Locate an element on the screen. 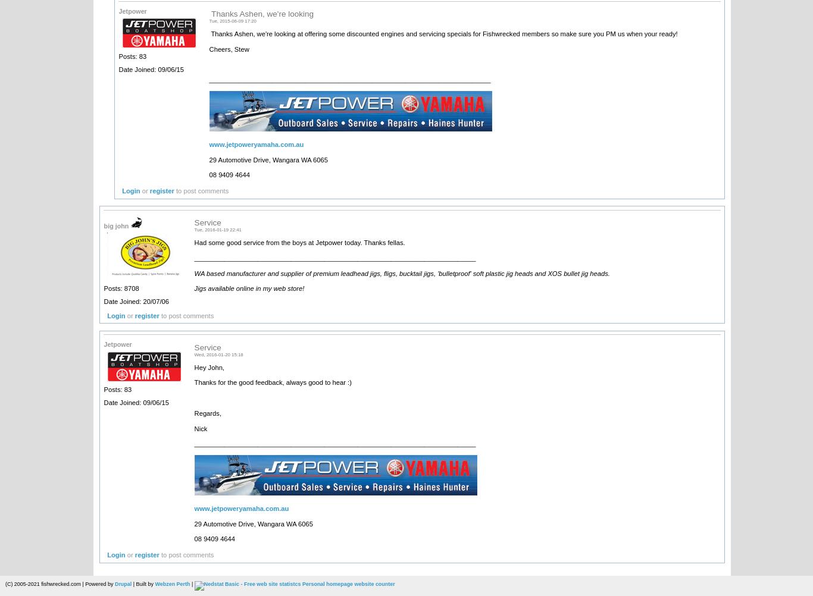 This screenshot has width=813, height=596. 'Drupal' is located at coordinates (114, 582).